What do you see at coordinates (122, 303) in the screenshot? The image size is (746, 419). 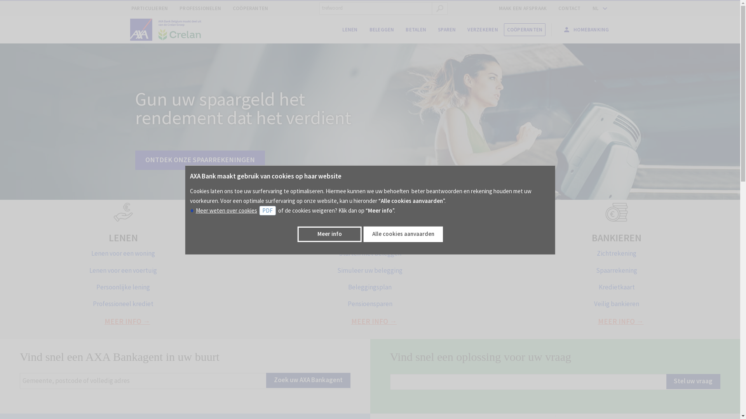 I see `'Professioneel krediet'` at bounding box center [122, 303].